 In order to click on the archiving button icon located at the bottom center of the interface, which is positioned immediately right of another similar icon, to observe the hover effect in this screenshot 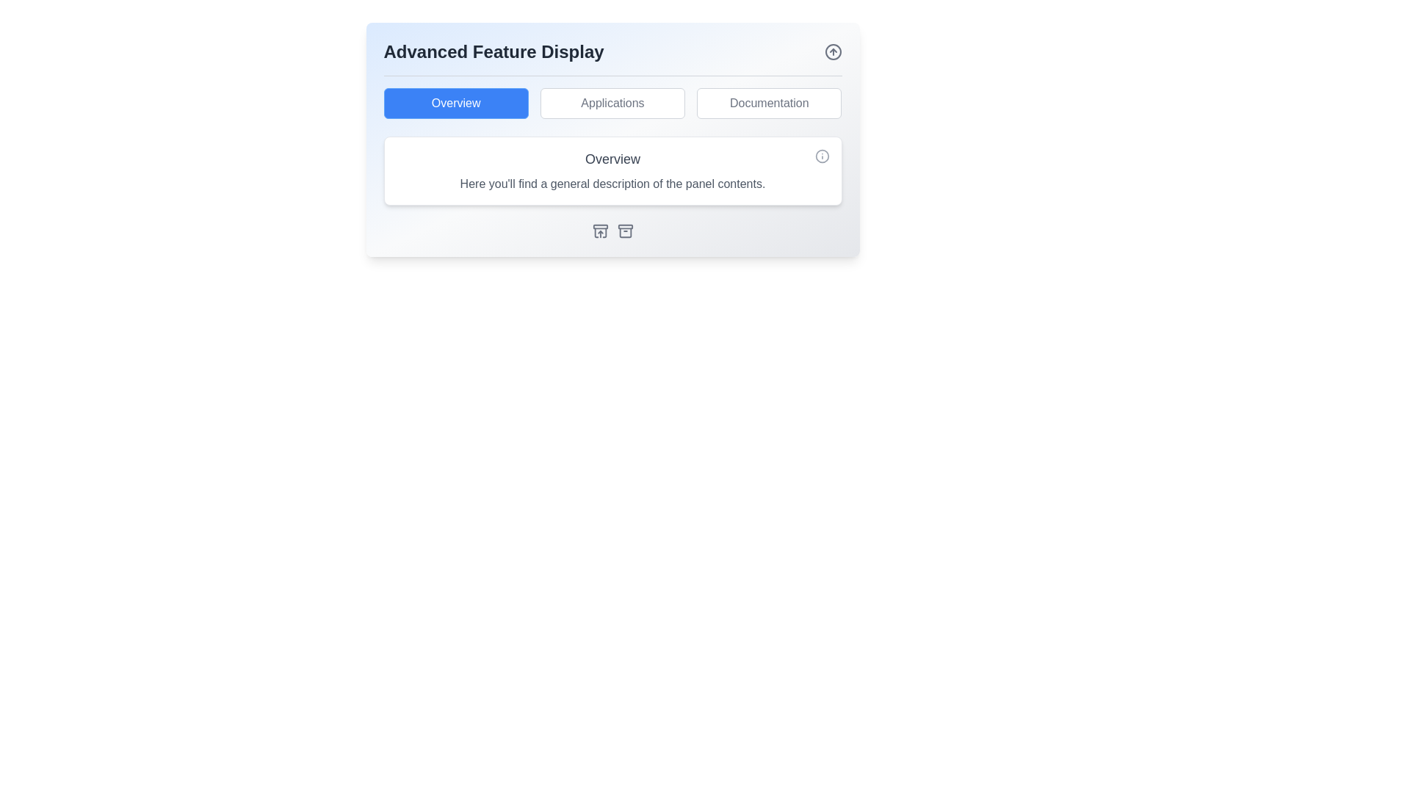, I will do `click(625, 231)`.